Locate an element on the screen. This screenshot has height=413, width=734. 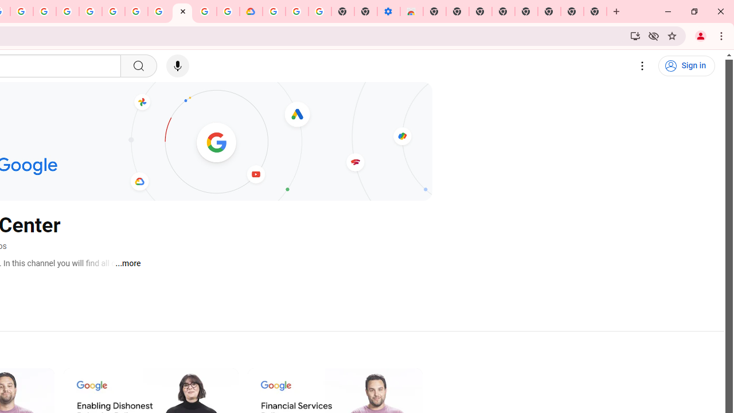
'New Tab' is located at coordinates (595, 11).